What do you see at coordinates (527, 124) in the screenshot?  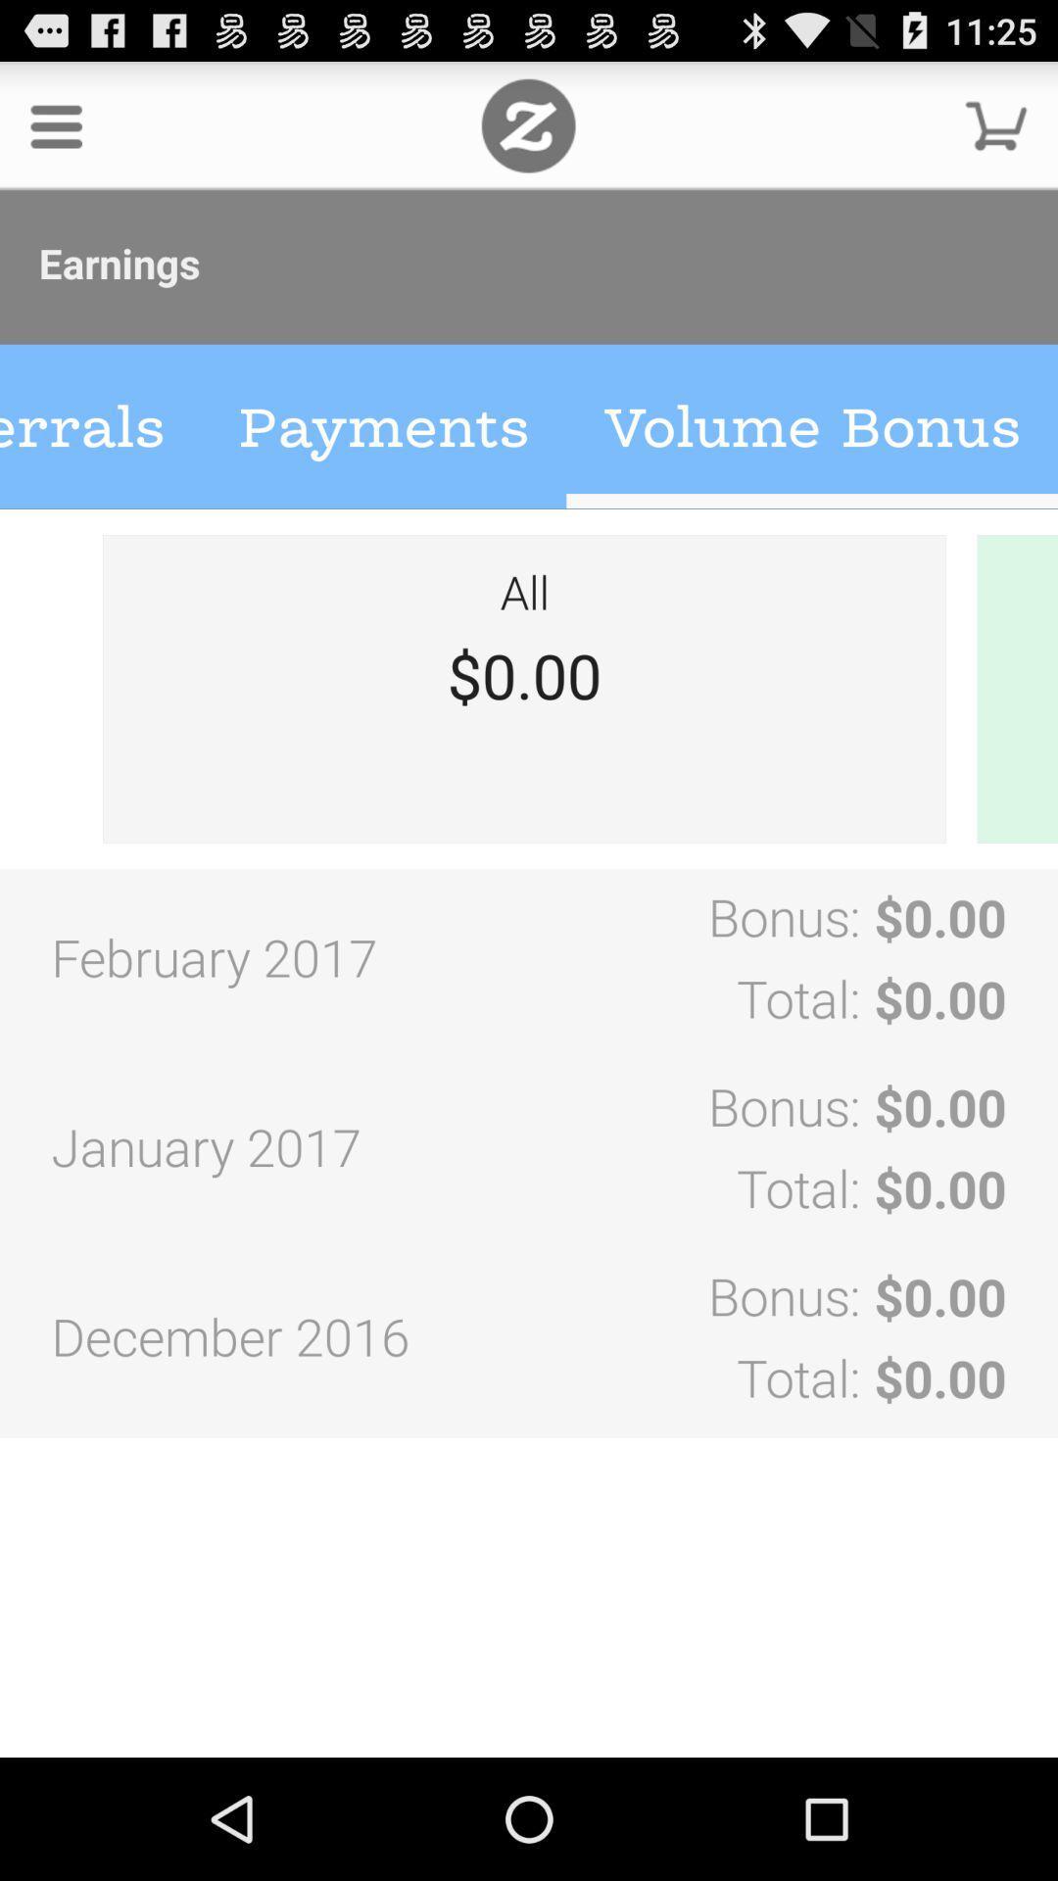 I see `zazzle home page` at bounding box center [527, 124].